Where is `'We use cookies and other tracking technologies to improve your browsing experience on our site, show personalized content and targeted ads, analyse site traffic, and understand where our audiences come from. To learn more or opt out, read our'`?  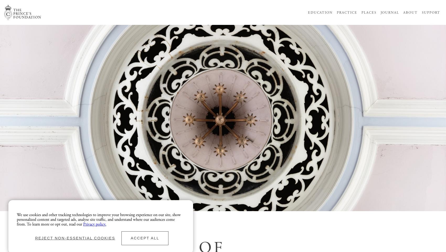
'We use cookies and other tracking technologies to improve your browsing experience on our site, show personalized content and targeted ads, analyse site traffic, and understand where our audiences come from. To learn more or opt out, read our' is located at coordinates (98, 219).